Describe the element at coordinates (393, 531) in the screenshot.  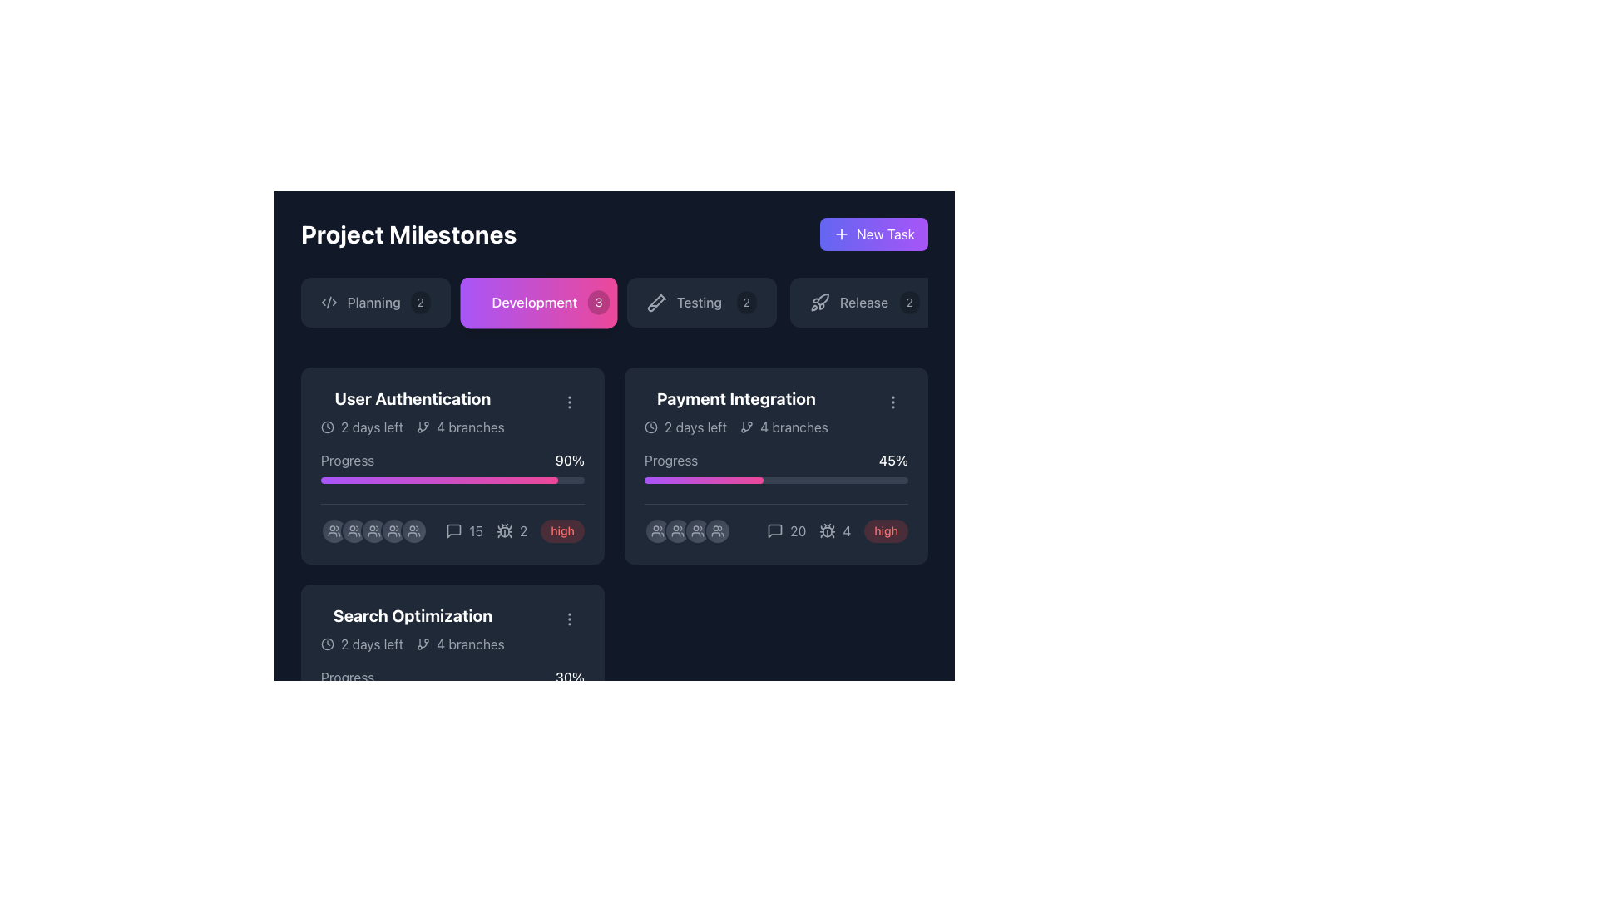
I see `the user group icon representing team members in the 'User Authentication' progress card` at that location.